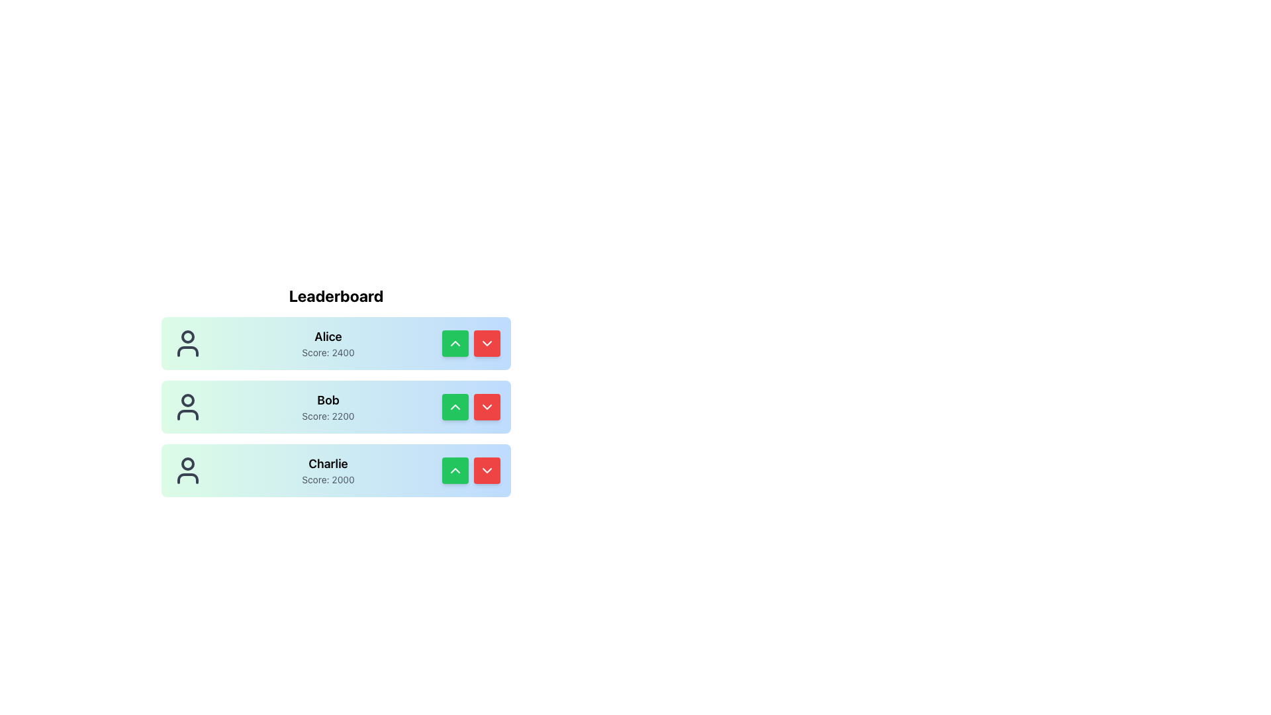 The image size is (1271, 715). What do you see at coordinates (328, 406) in the screenshot?
I see `the Text Display element that shows the name 'Bob' prominently in bold with a score of '2200' below it` at bounding box center [328, 406].